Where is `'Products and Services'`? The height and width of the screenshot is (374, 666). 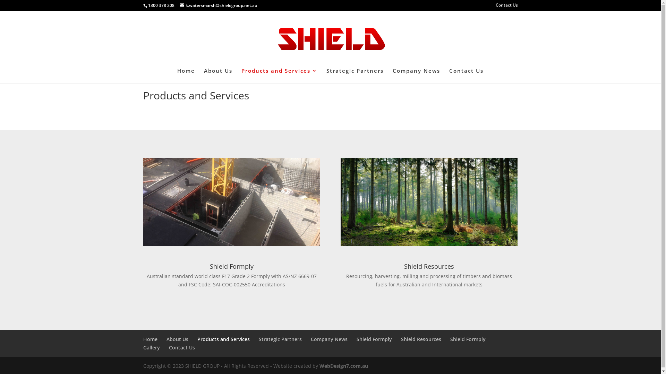
'Products and Services' is located at coordinates (223, 339).